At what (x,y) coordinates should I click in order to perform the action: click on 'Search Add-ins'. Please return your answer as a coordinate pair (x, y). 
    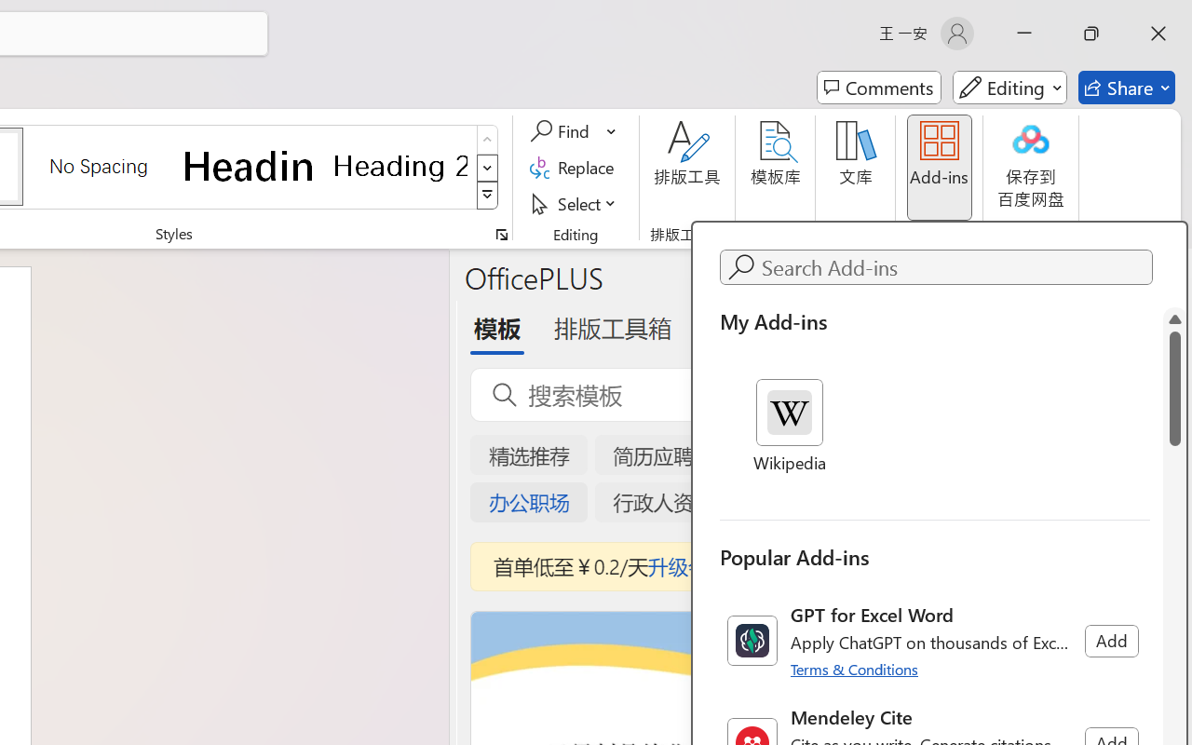
    Looking at the image, I should click on (954, 267).